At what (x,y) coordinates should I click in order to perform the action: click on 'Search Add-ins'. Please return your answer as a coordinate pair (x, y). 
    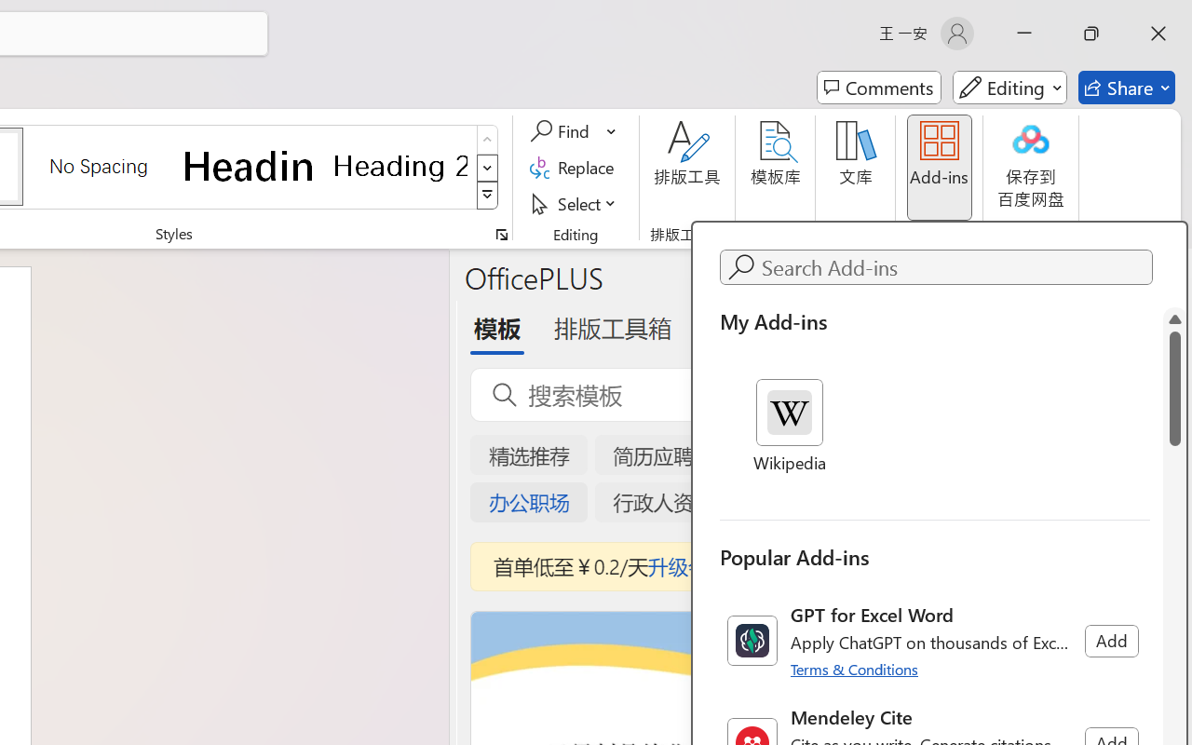
    Looking at the image, I should click on (954, 267).